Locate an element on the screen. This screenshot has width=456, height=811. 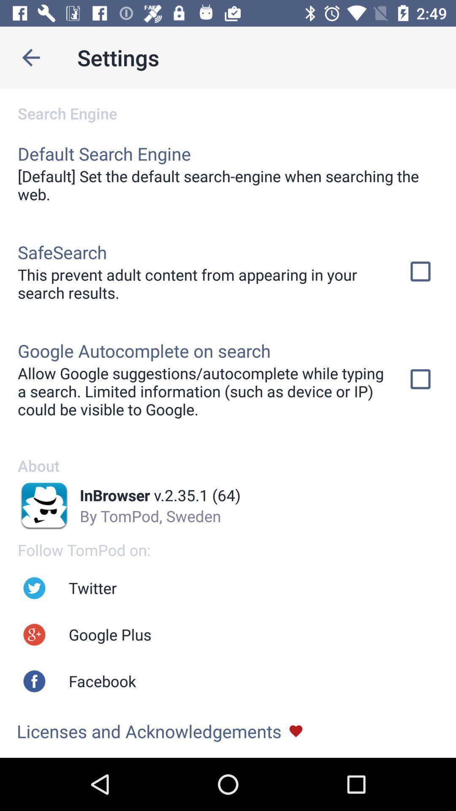
the item above the search engine icon is located at coordinates (30, 57).